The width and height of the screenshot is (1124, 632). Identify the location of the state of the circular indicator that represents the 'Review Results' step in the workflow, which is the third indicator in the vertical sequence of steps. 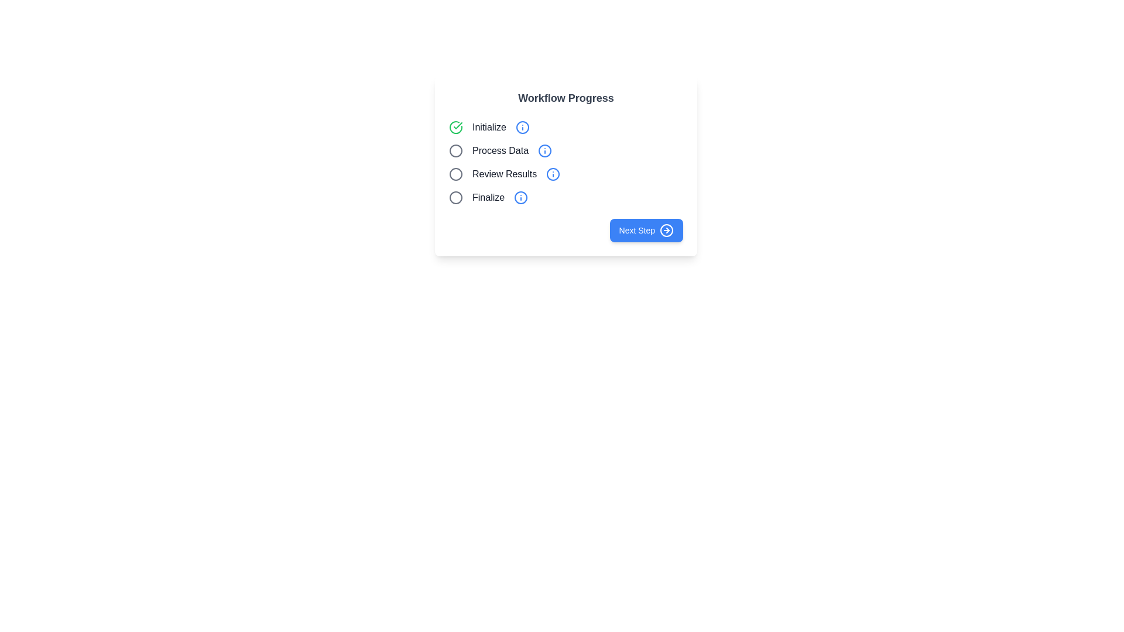
(455, 174).